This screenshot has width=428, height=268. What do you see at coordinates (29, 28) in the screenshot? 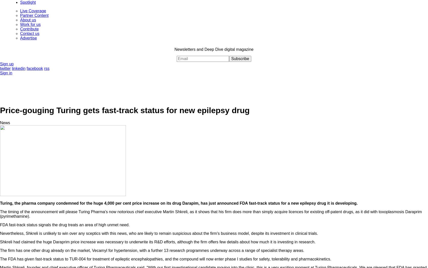
I see `'Contribute'` at bounding box center [29, 28].